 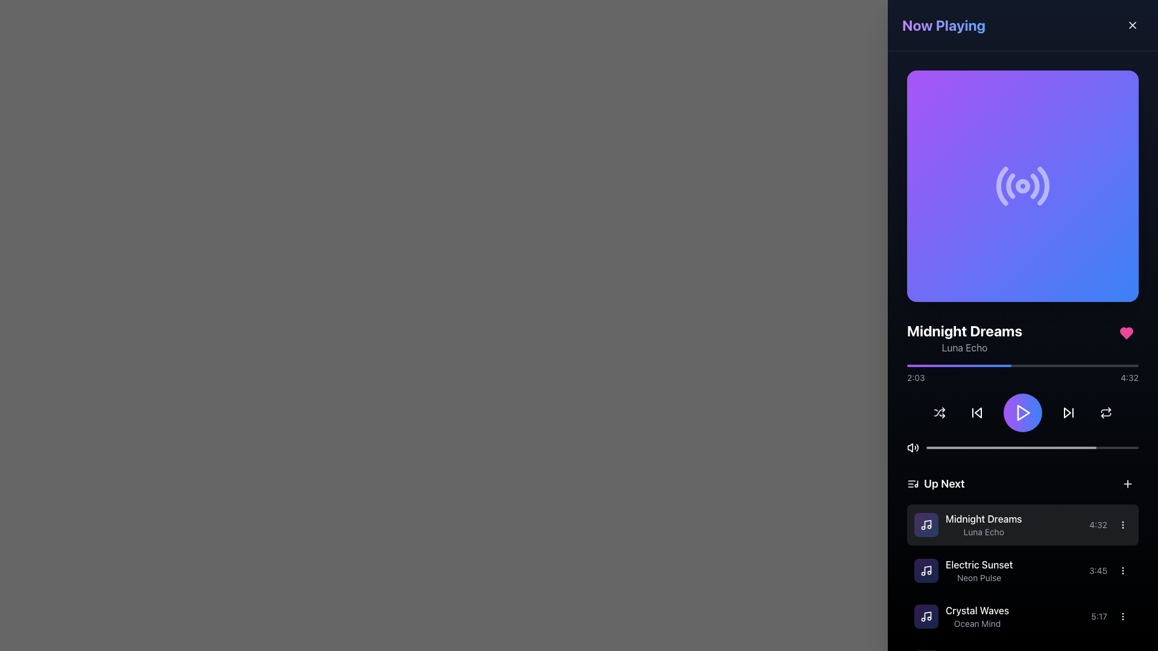 What do you see at coordinates (1131, 25) in the screenshot?
I see `the cross-shaped close button located in the top-right corner of the interface next to the title 'Now Playing'` at bounding box center [1131, 25].